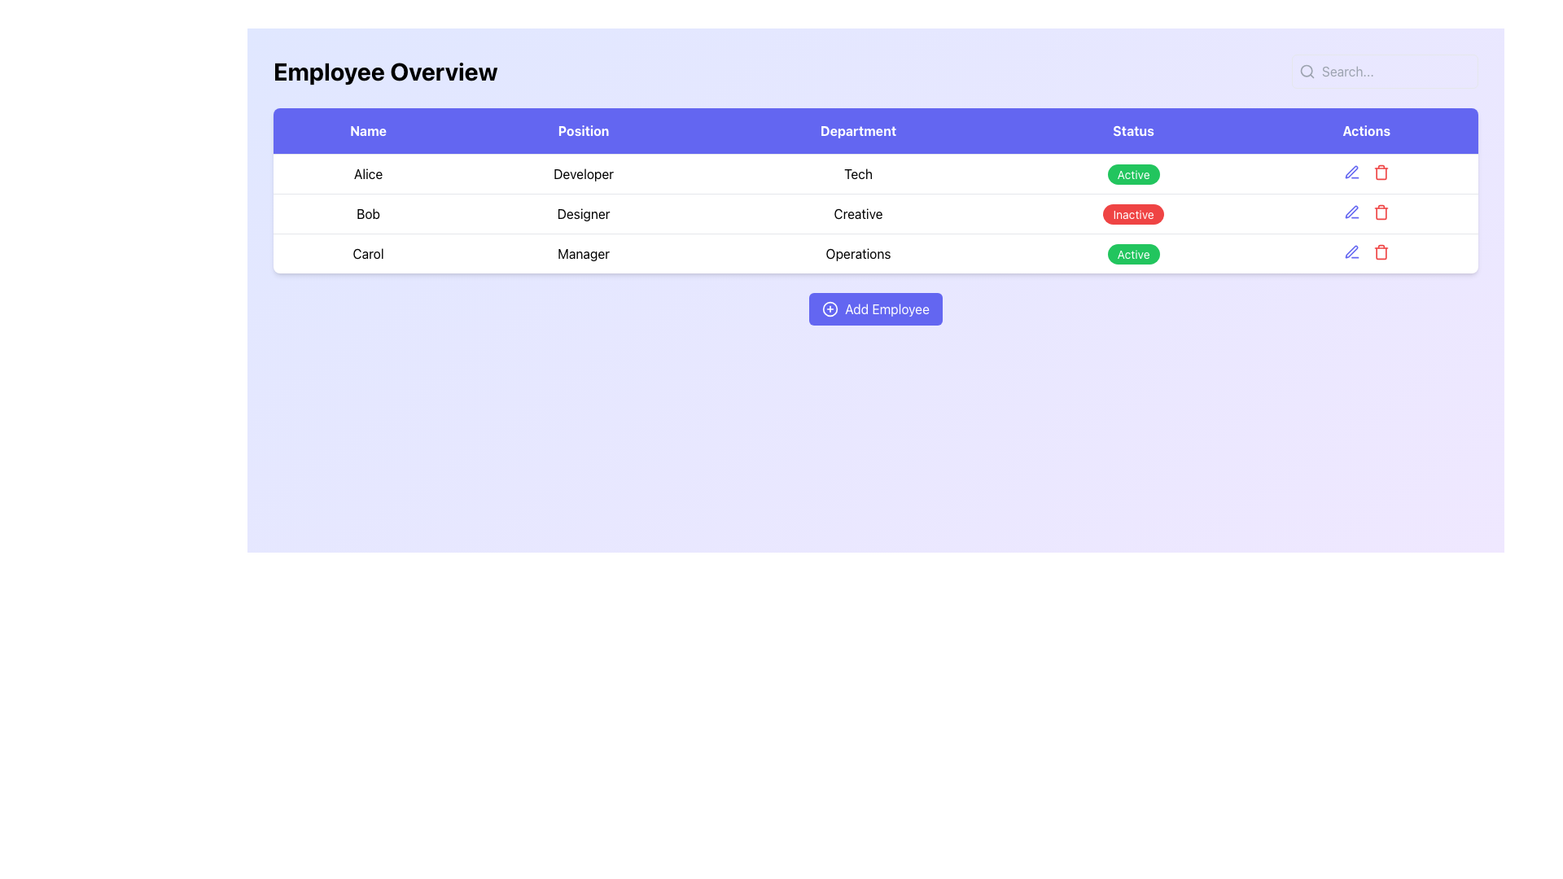 This screenshot has width=1563, height=879. Describe the element at coordinates (1132, 130) in the screenshot. I see `the 'Status' header label in the table, which is the fourth item in the horizontal header row, located between the 'Department' and 'Actions' columns` at that location.